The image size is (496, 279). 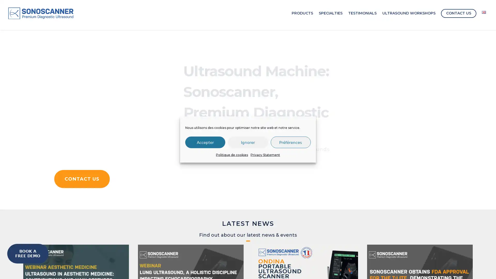 What do you see at coordinates (205, 142) in the screenshot?
I see `Accepter` at bounding box center [205, 142].